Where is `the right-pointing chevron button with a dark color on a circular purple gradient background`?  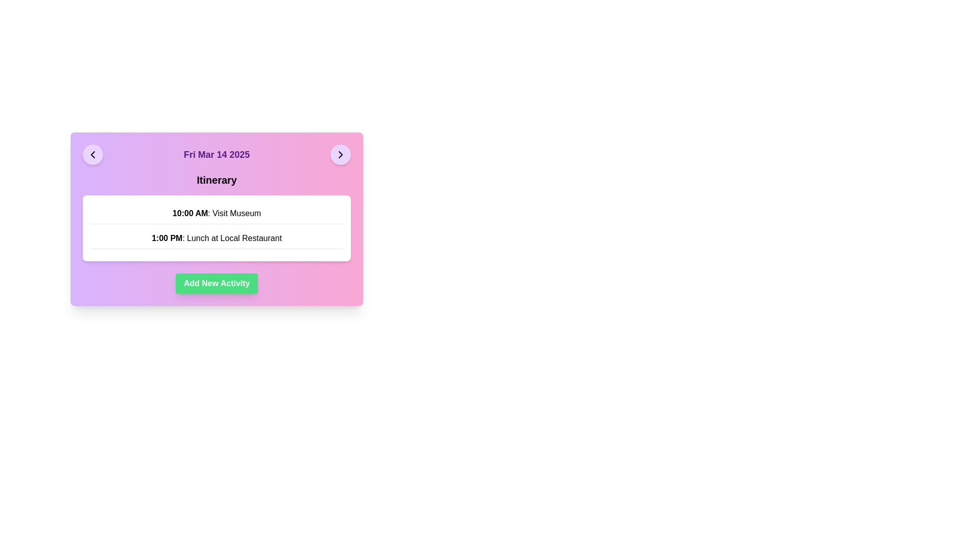 the right-pointing chevron button with a dark color on a circular purple gradient background is located at coordinates (341, 154).